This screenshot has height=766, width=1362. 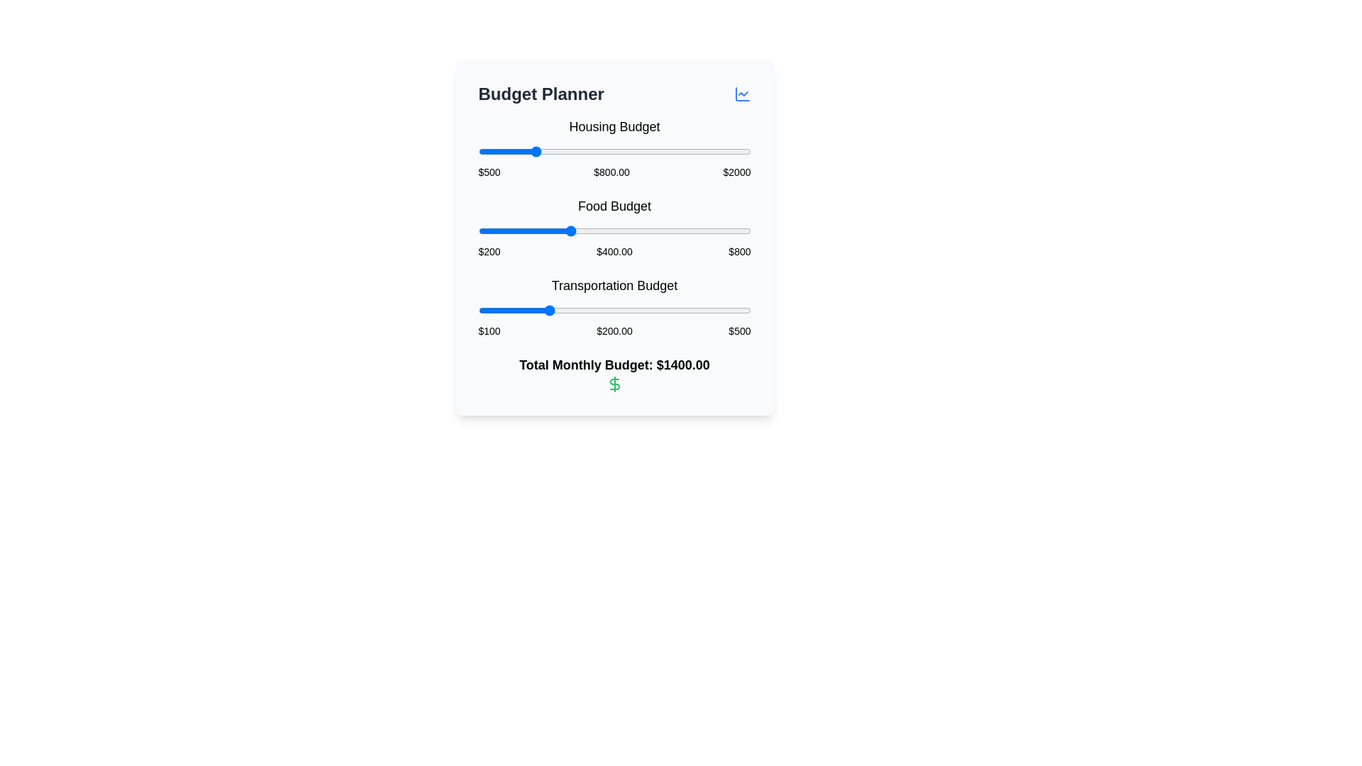 I want to click on the Food Budget slider value, so click(x=487, y=231).